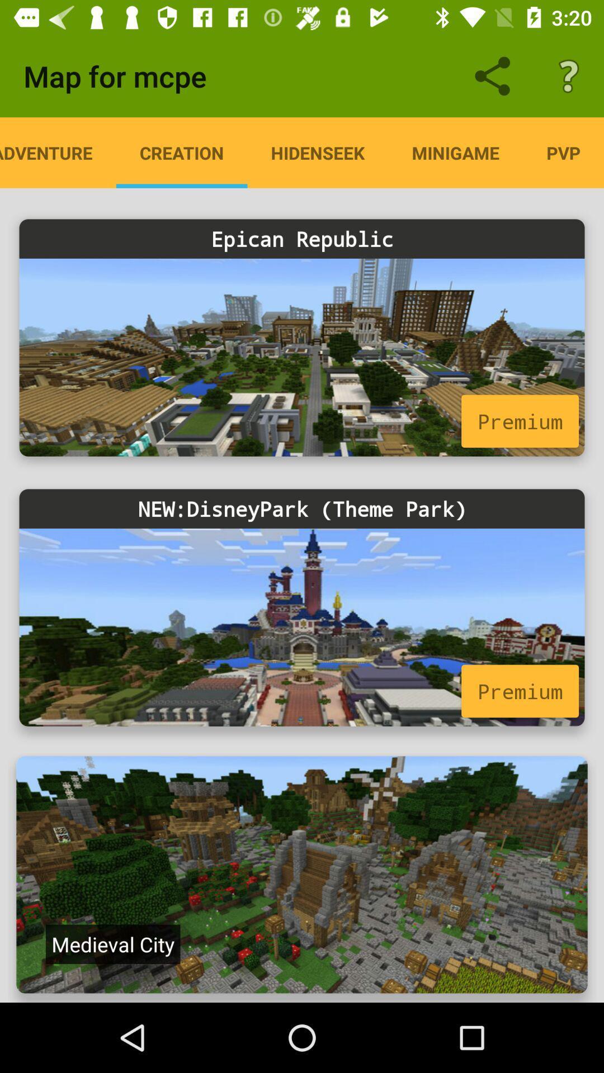 The width and height of the screenshot is (604, 1073). Describe the element at coordinates (302, 874) in the screenshot. I see `goes to a map` at that location.